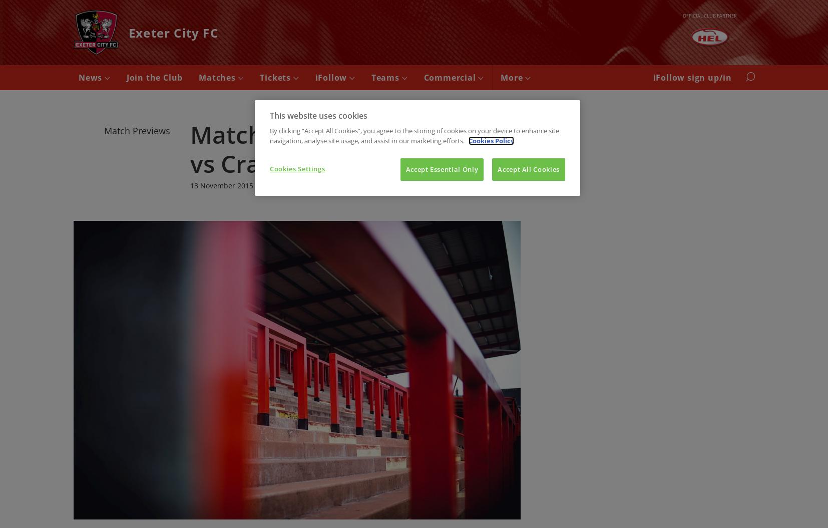 The width and height of the screenshot is (828, 528). I want to click on 'Join the Club', so click(154, 78).